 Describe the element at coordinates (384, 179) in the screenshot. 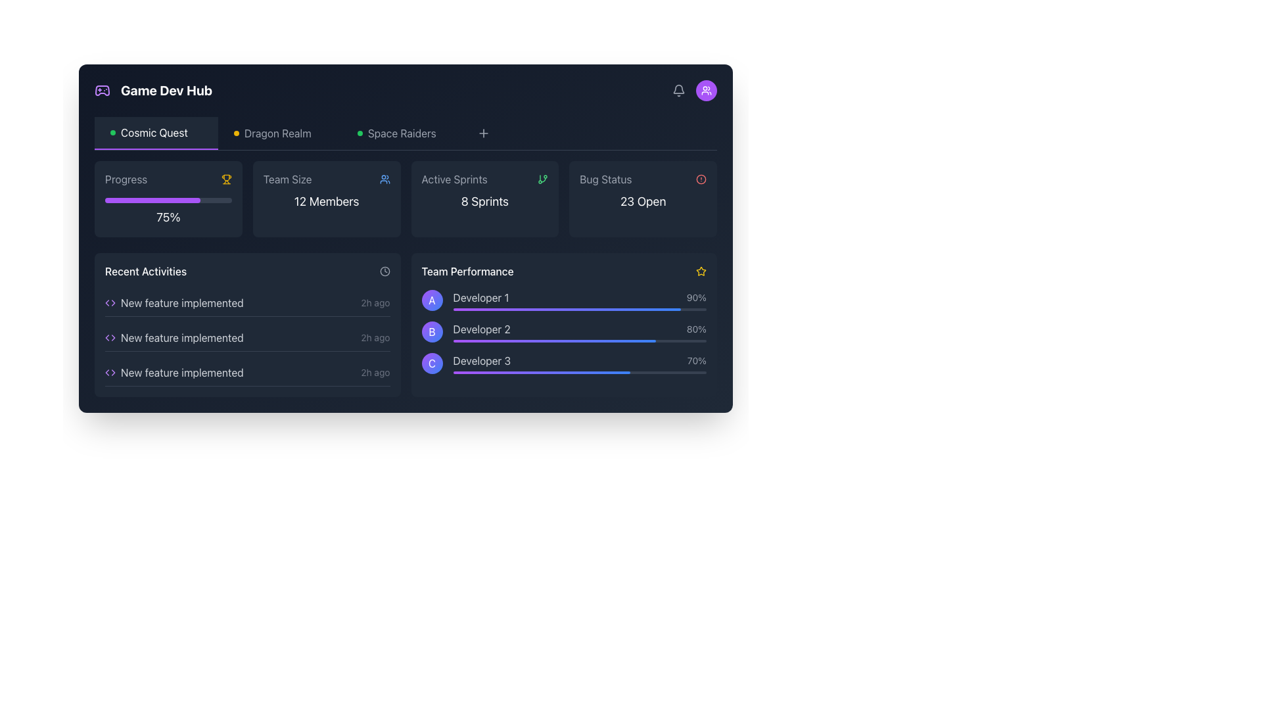

I see `the blue-colored icon representing a team or users located in the top-right corner of the card titled 'Team Size', adjacent to the text '12 Members'` at that location.